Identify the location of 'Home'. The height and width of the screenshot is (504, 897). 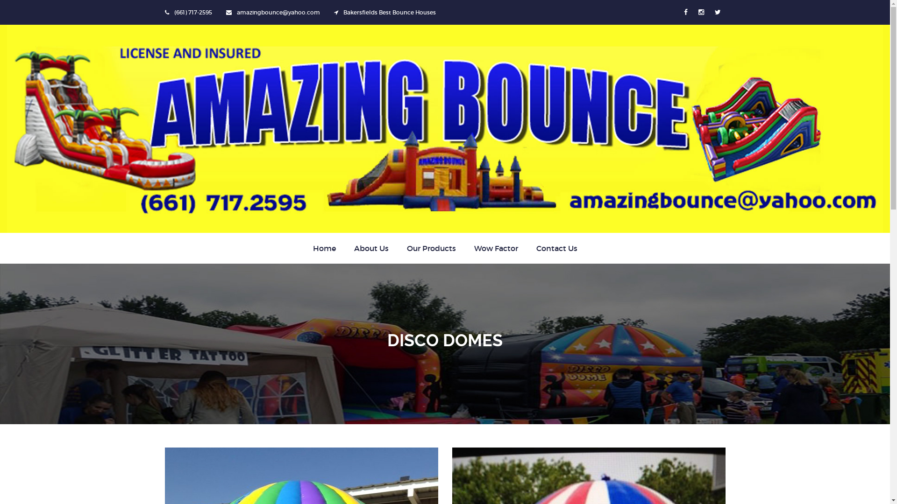
(324, 248).